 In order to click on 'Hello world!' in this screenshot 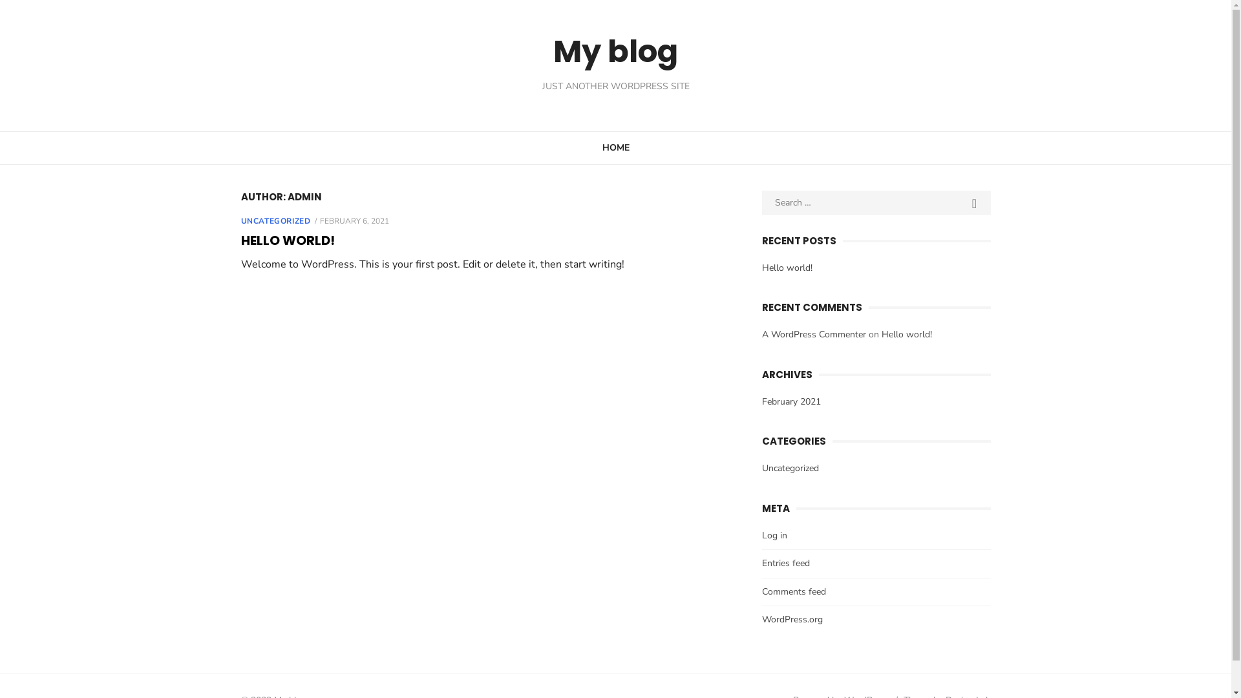, I will do `click(906, 333)`.